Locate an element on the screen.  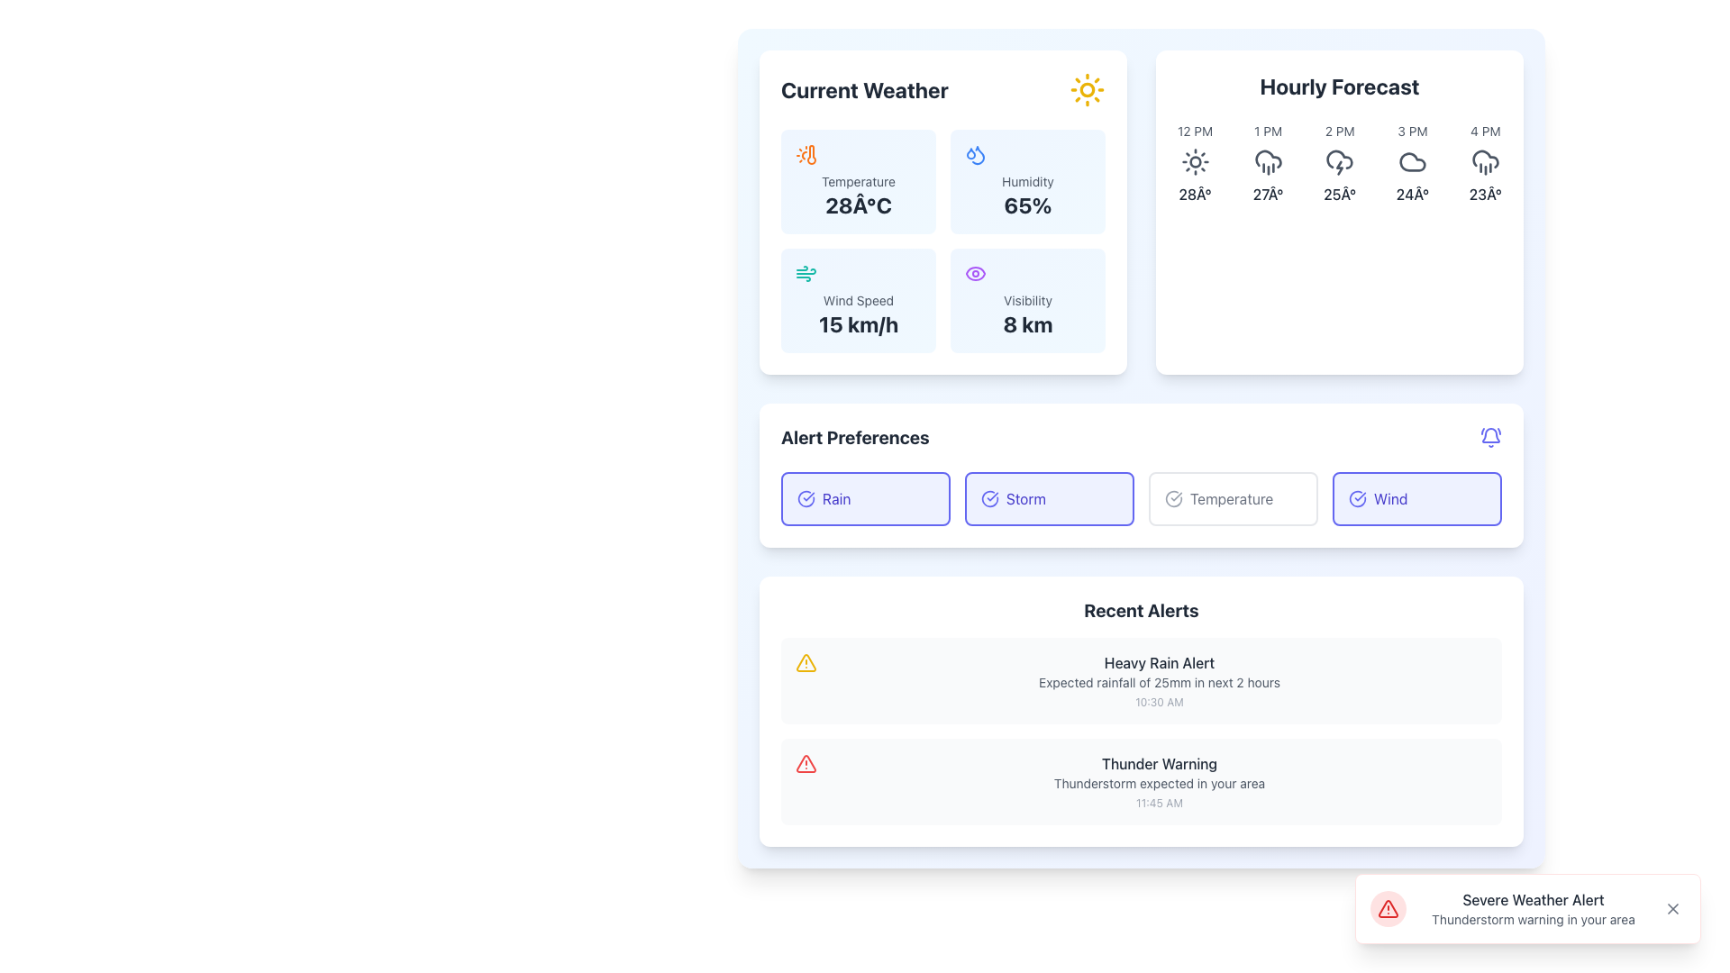
the wind icon in the 'Wind Speed' section of the 'Current Weather' panel, which is teal with rounded strokes and consists of three curving lines is located at coordinates (805, 274).